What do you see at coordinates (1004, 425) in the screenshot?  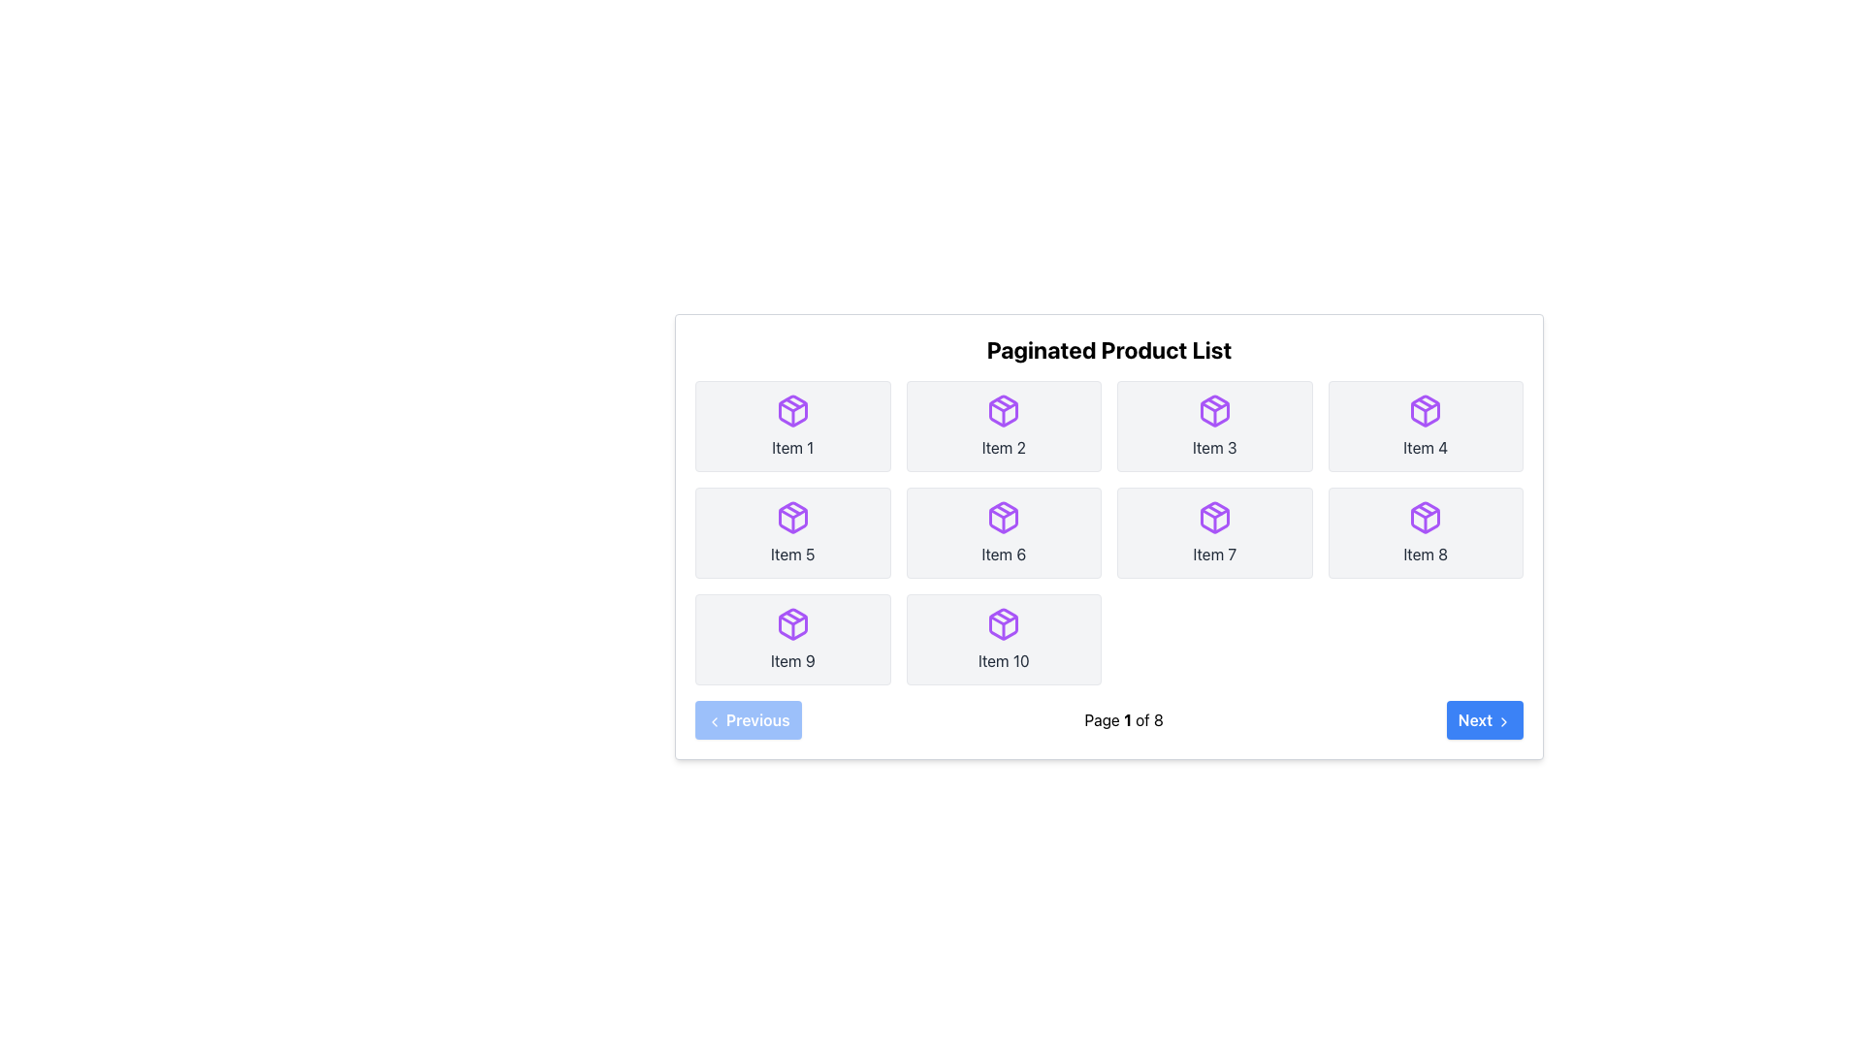 I see `the second grid item in the first row, which represents a product or category, to interact with it` at bounding box center [1004, 425].